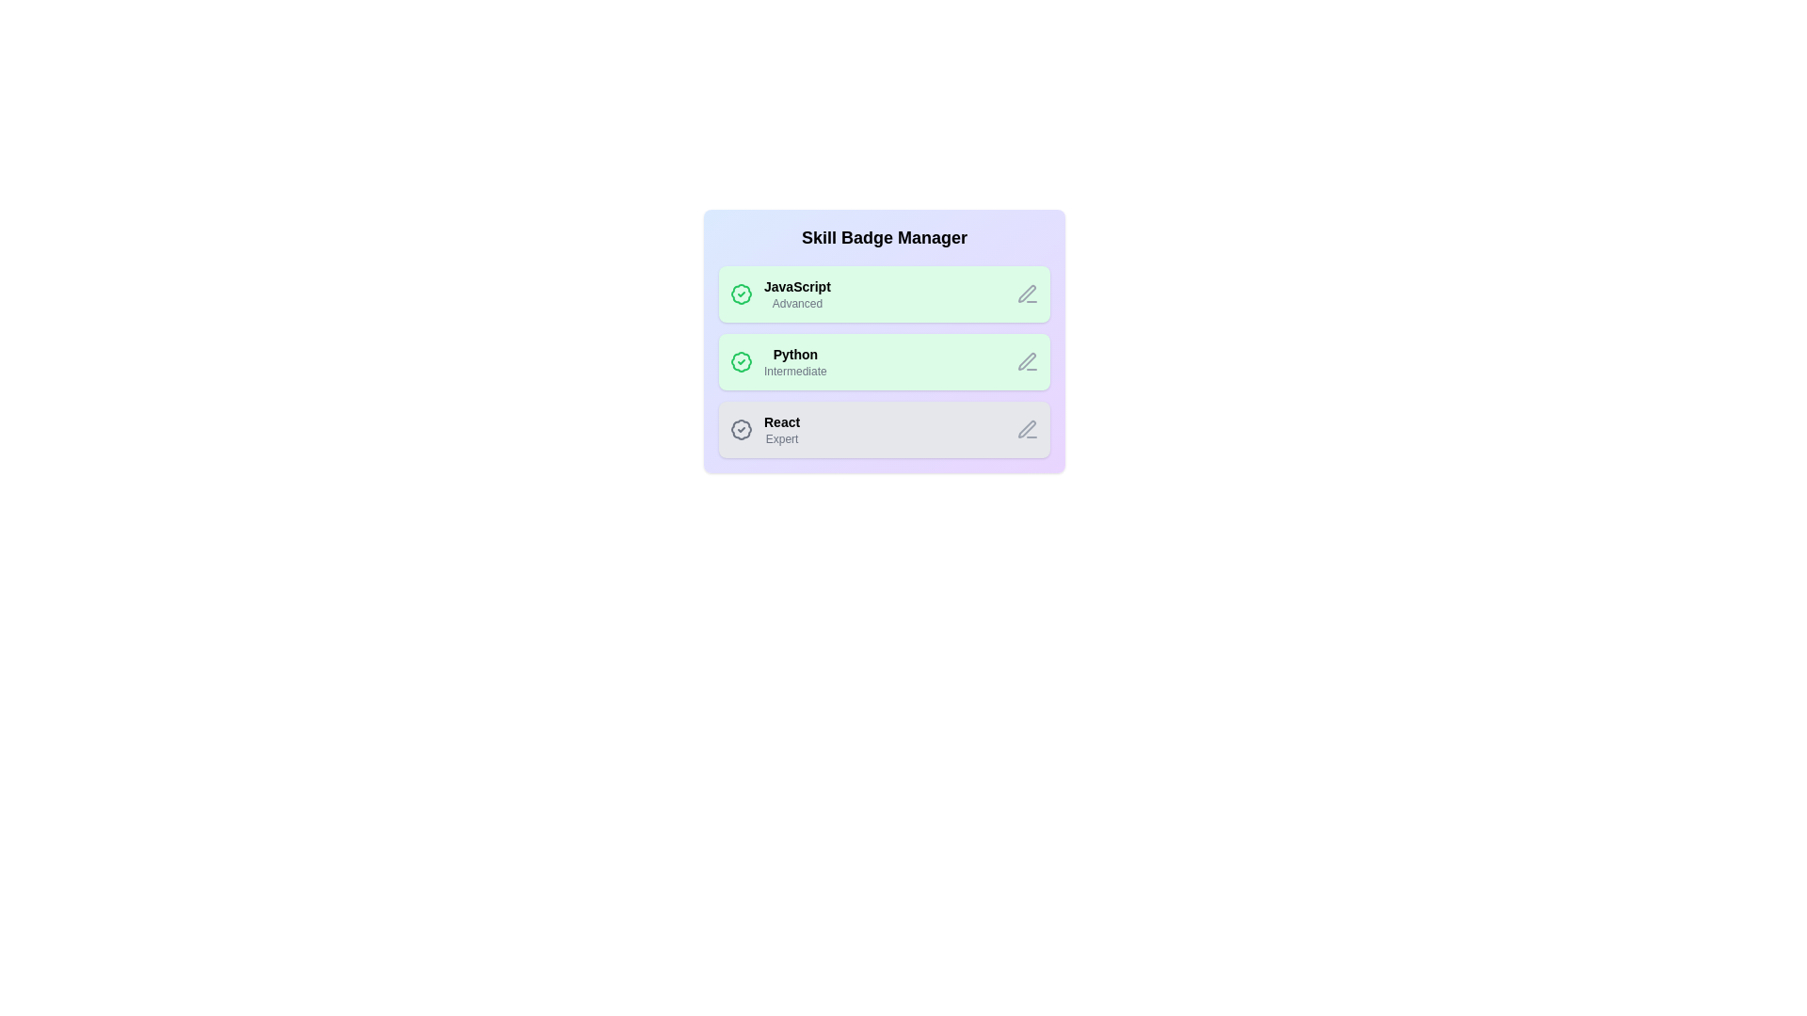 The width and height of the screenshot is (1807, 1016). Describe the element at coordinates (1026, 362) in the screenshot. I see `the edit icon of the skill badge labeled Python` at that location.